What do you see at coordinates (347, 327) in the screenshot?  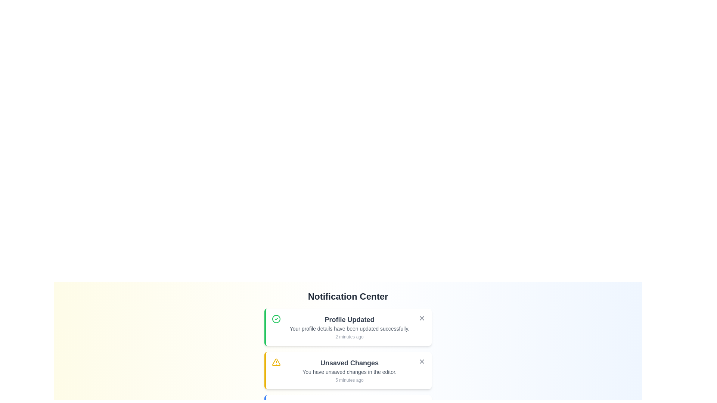 I see `the notification titled 'Profile Updated'` at bounding box center [347, 327].